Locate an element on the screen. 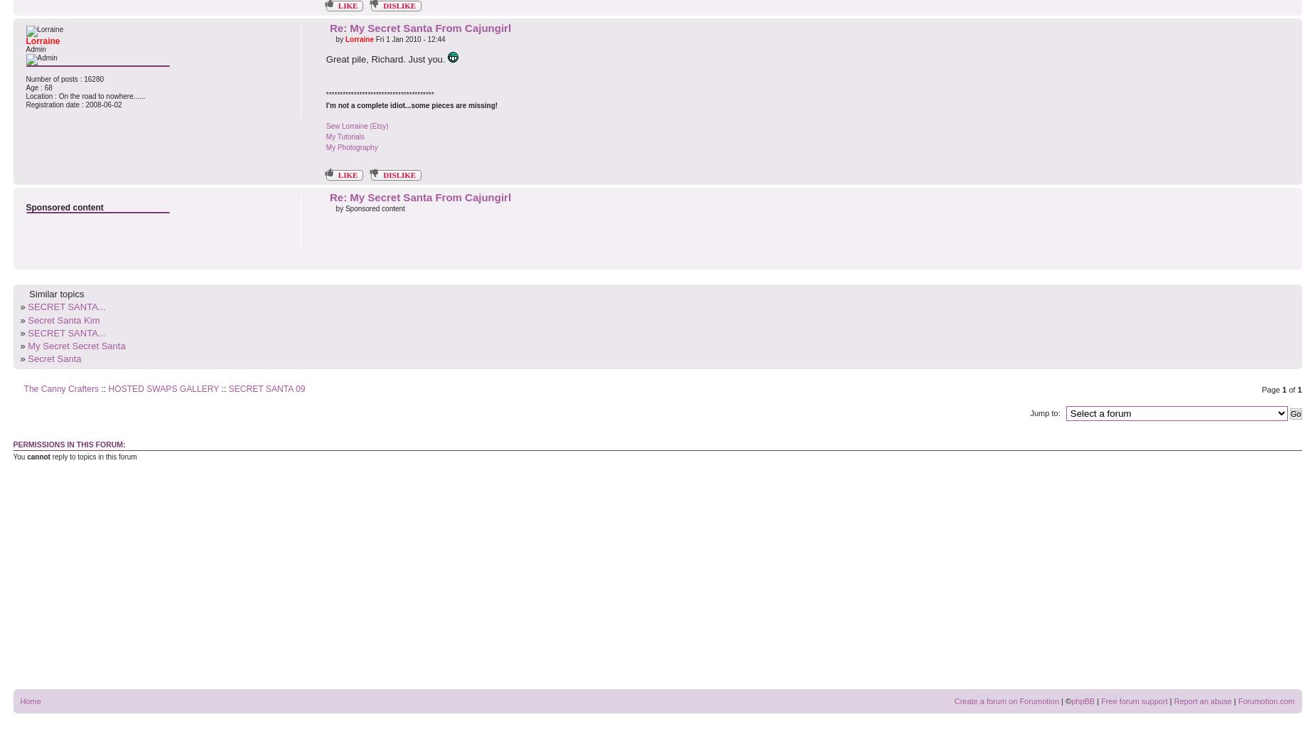  'Registration date :' is located at coordinates (55, 104).